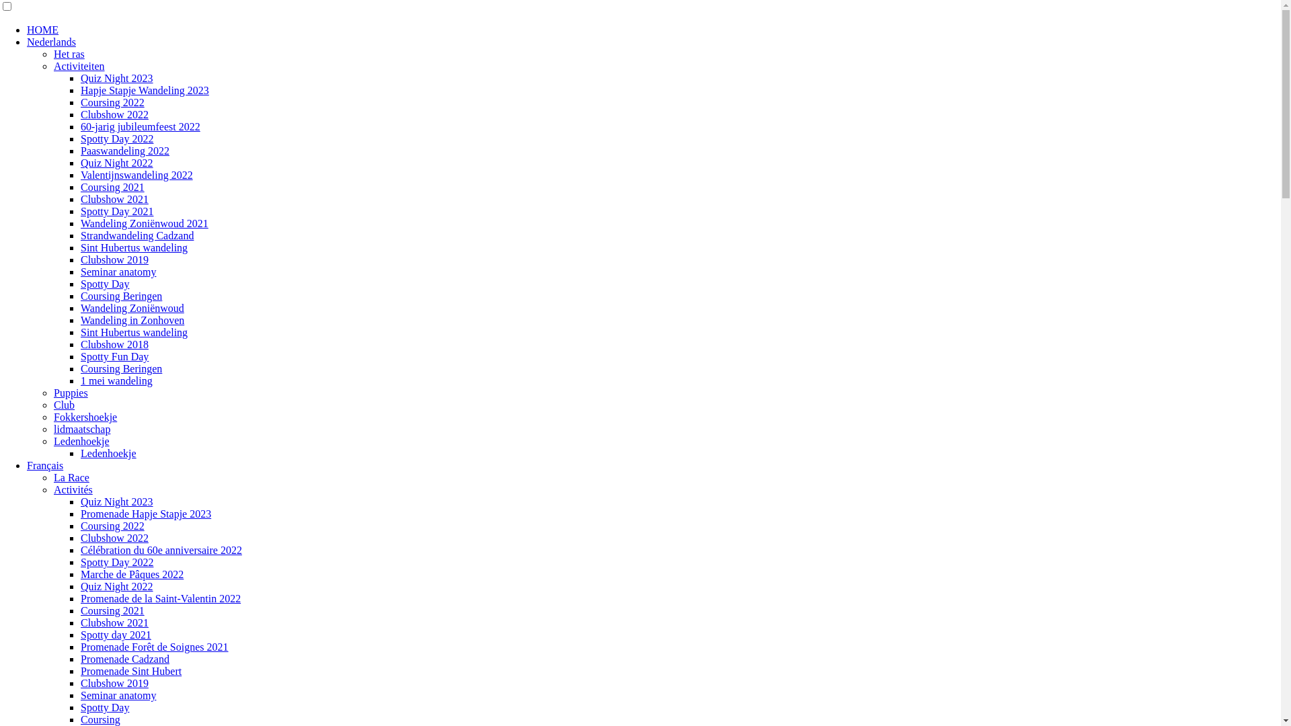  I want to click on 'Quiz Night 2023', so click(116, 78).